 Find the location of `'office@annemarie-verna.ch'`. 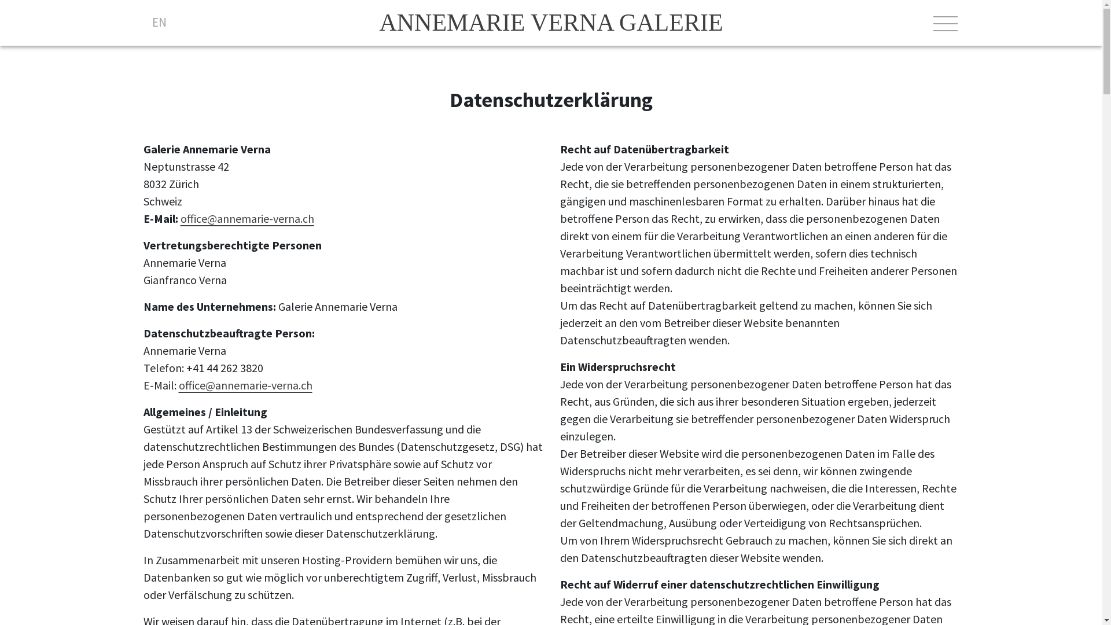

'office@annemarie-verna.ch' is located at coordinates (247, 218).